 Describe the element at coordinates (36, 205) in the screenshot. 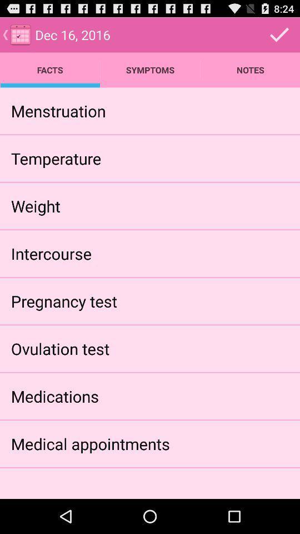

I see `the app below the temperature` at that location.